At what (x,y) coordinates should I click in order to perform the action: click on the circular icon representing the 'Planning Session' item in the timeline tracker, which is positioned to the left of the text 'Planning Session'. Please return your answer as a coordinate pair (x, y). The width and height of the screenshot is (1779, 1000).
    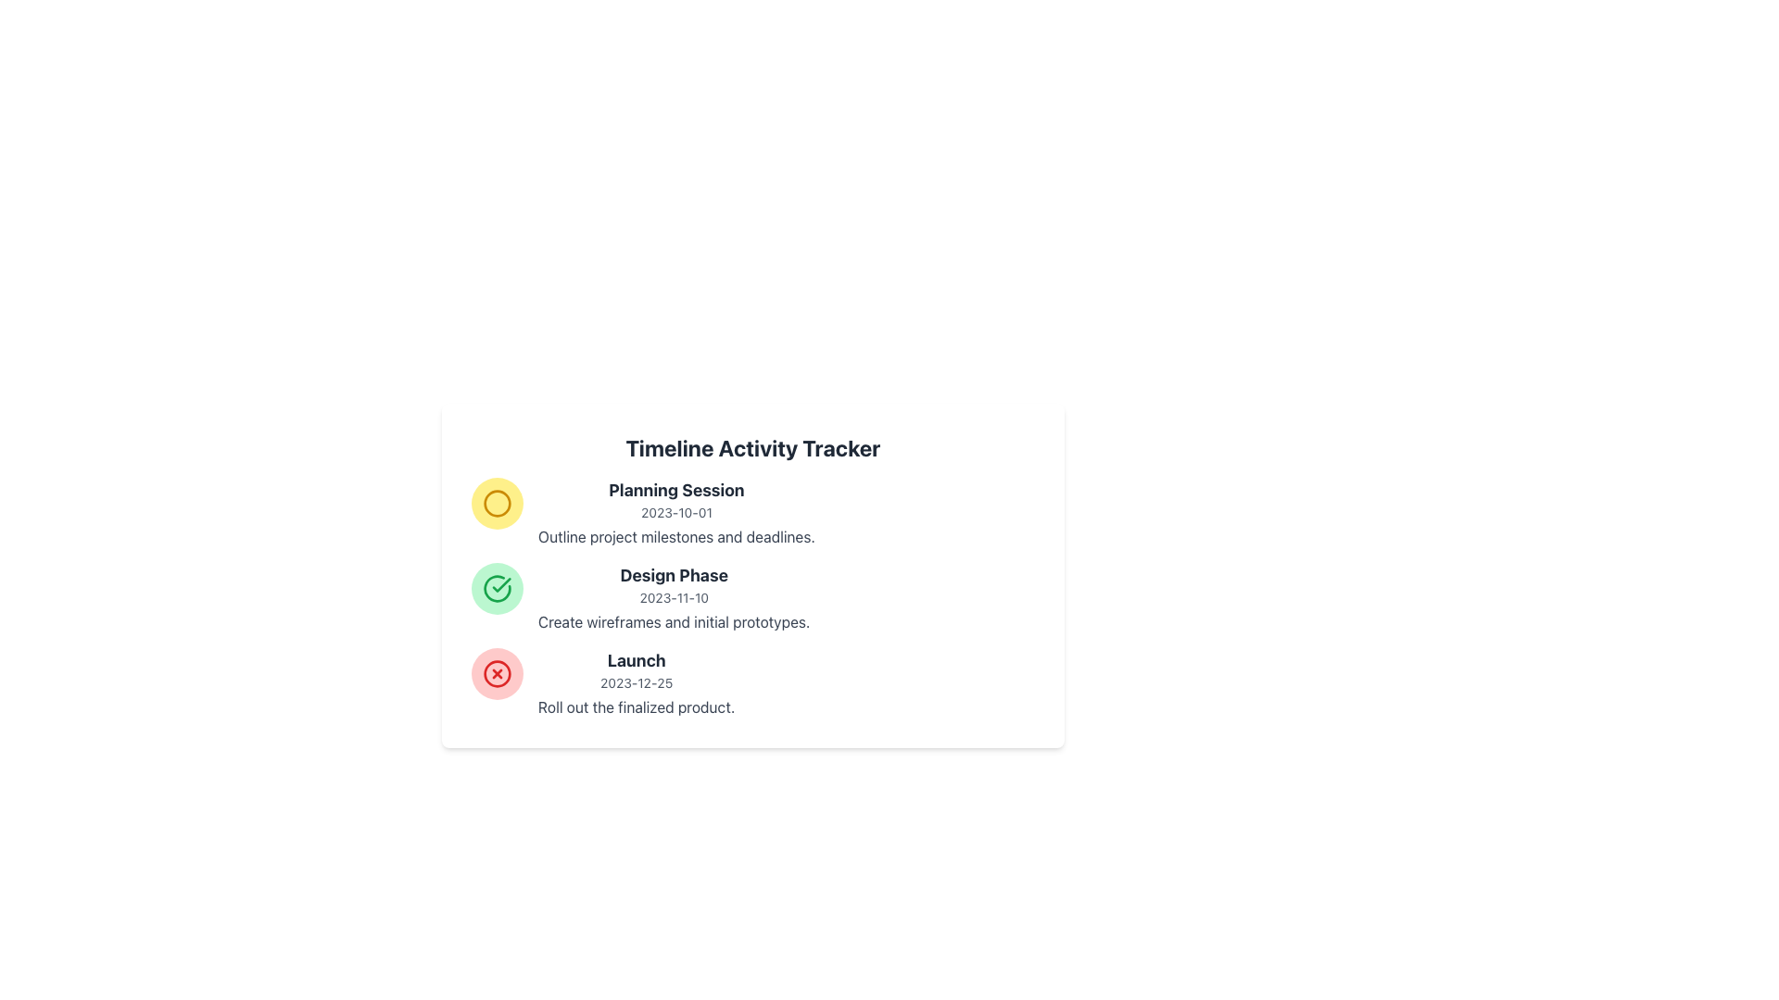
    Looking at the image, I should click on (498, 503).